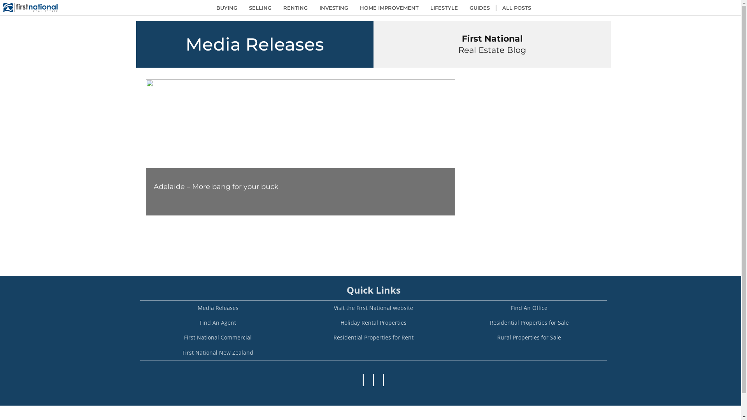 Image resolution: width=747 pixels, height=420 pixels. Describe the element at coordinates (373, 307) in the screenshot. I see `'Visit the First National website'` at that location.